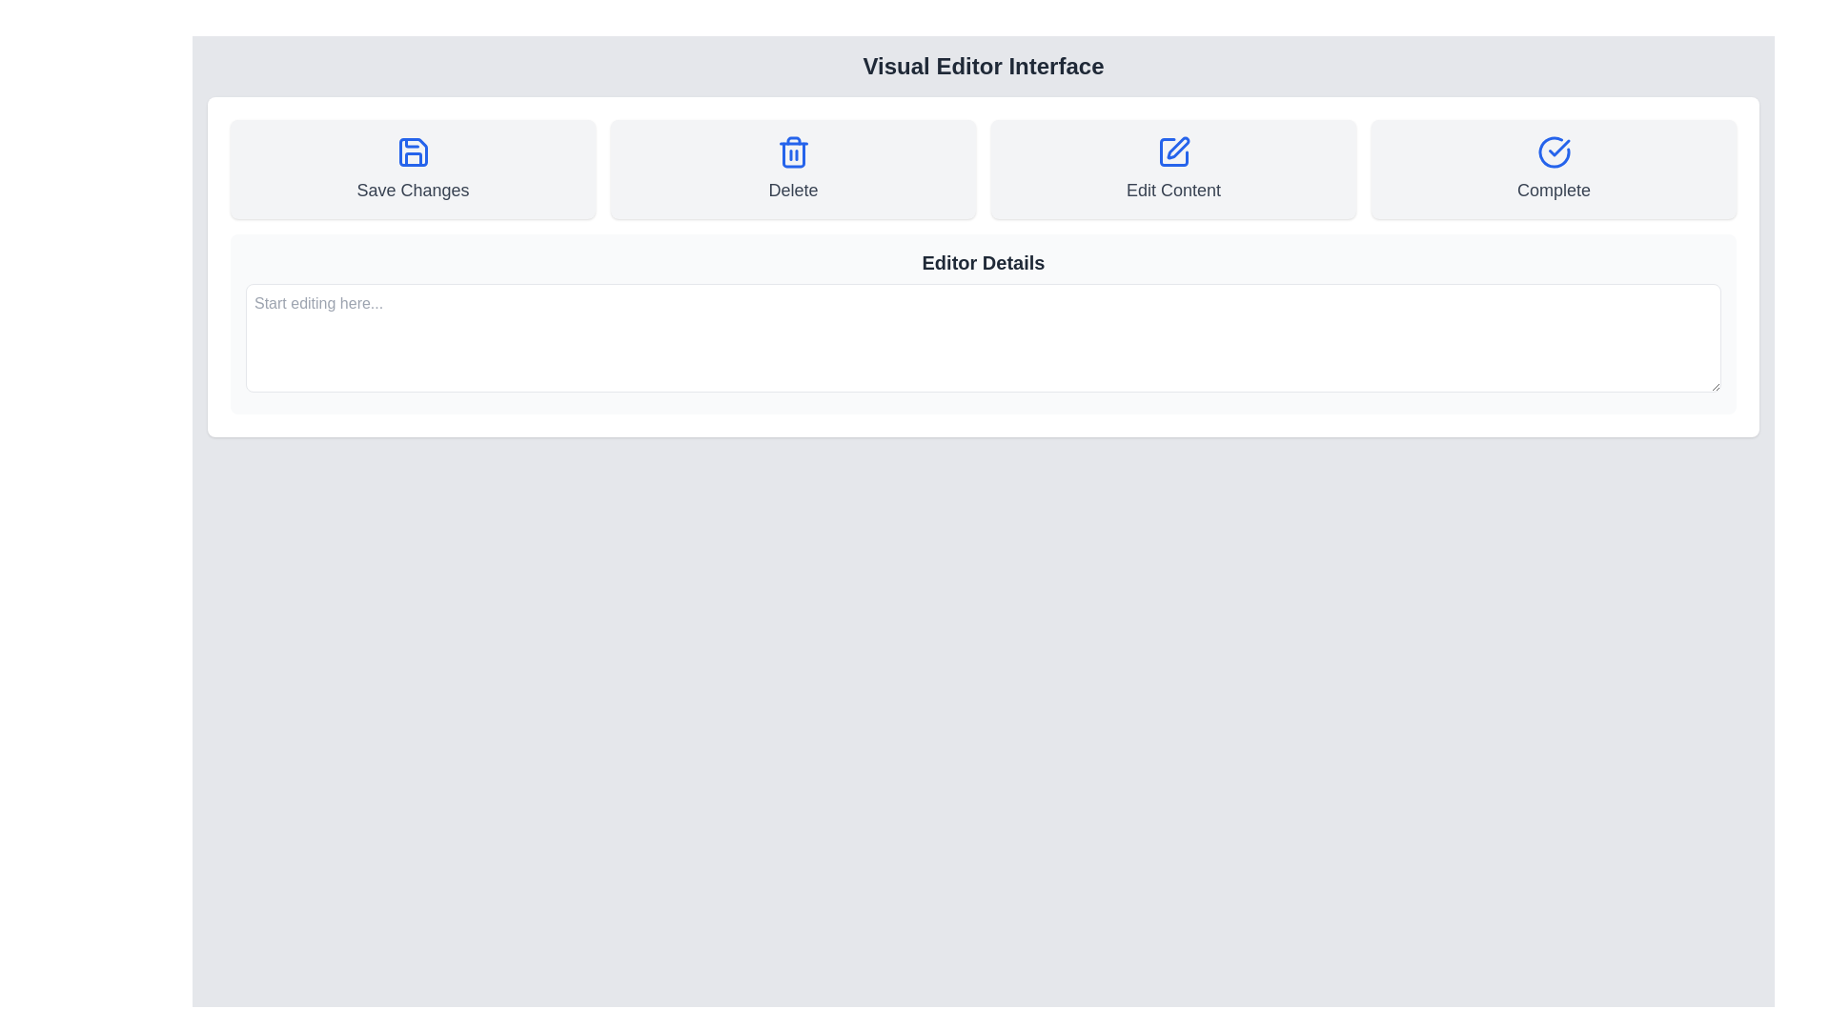 The width and height of the screenshot is (1830, 1029). I want to click on the deletion button, which is positioned second from the left in a group of four buttons at the top of the interface, located to the right of the 'Save Changes' button and to the left of the 'Edit Content' button, so click(793, 168).